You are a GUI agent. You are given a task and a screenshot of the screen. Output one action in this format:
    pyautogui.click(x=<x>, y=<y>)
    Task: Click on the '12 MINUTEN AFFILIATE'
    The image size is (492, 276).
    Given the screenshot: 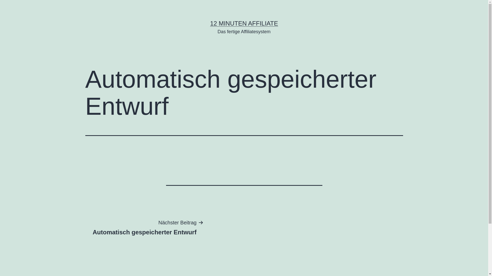 What is the action you would take?
    pyautogui.click(x=244, y=23)
    